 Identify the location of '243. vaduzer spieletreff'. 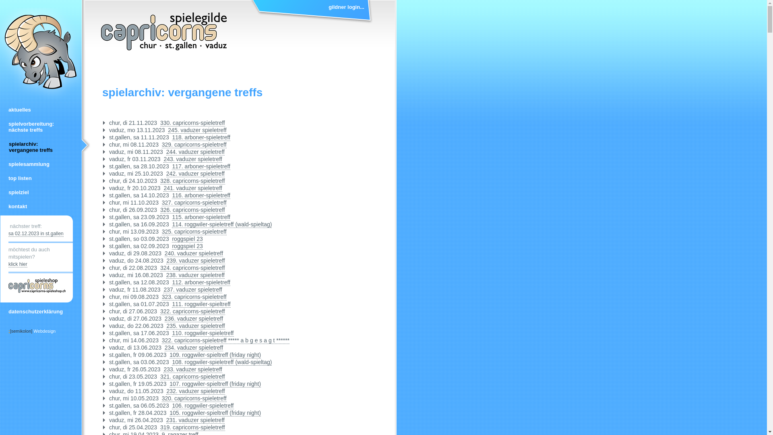
(192, 159).